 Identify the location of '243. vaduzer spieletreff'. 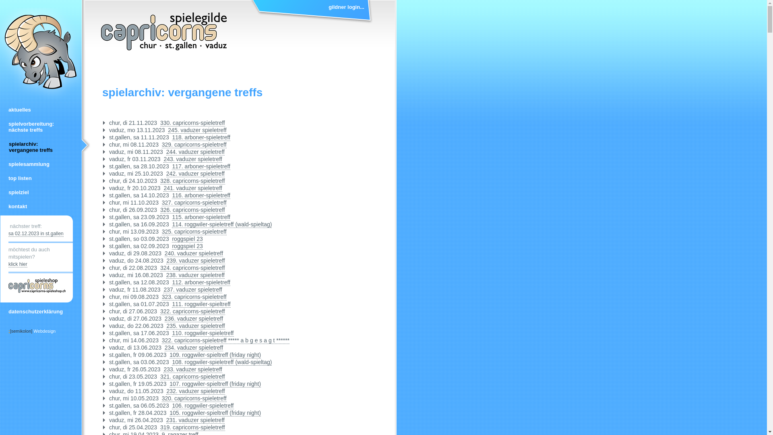
(192, 159).